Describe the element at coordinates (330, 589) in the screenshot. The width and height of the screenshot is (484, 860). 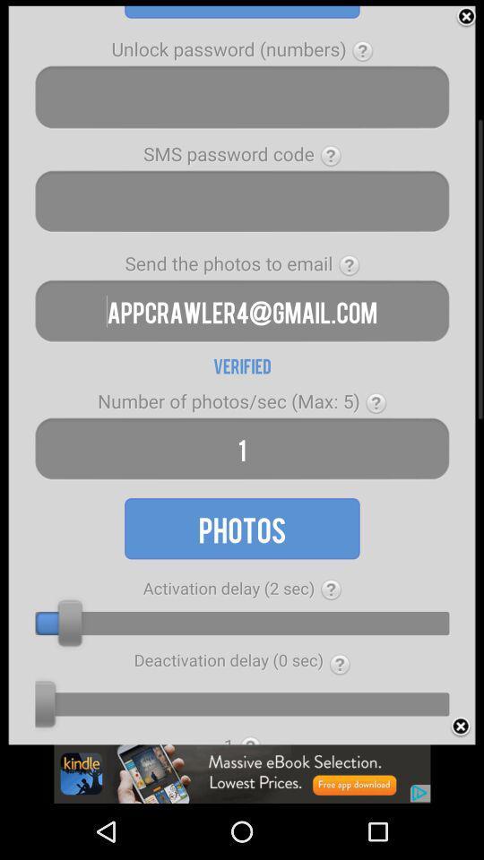
I see `see more information` at that location.